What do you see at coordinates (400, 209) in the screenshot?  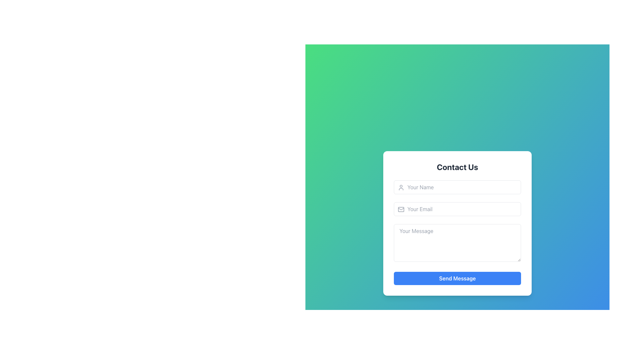 I see `the envelope icon representing the email input field, located to the left of the 'Your Email' input box` at bounding box center [400, 209].